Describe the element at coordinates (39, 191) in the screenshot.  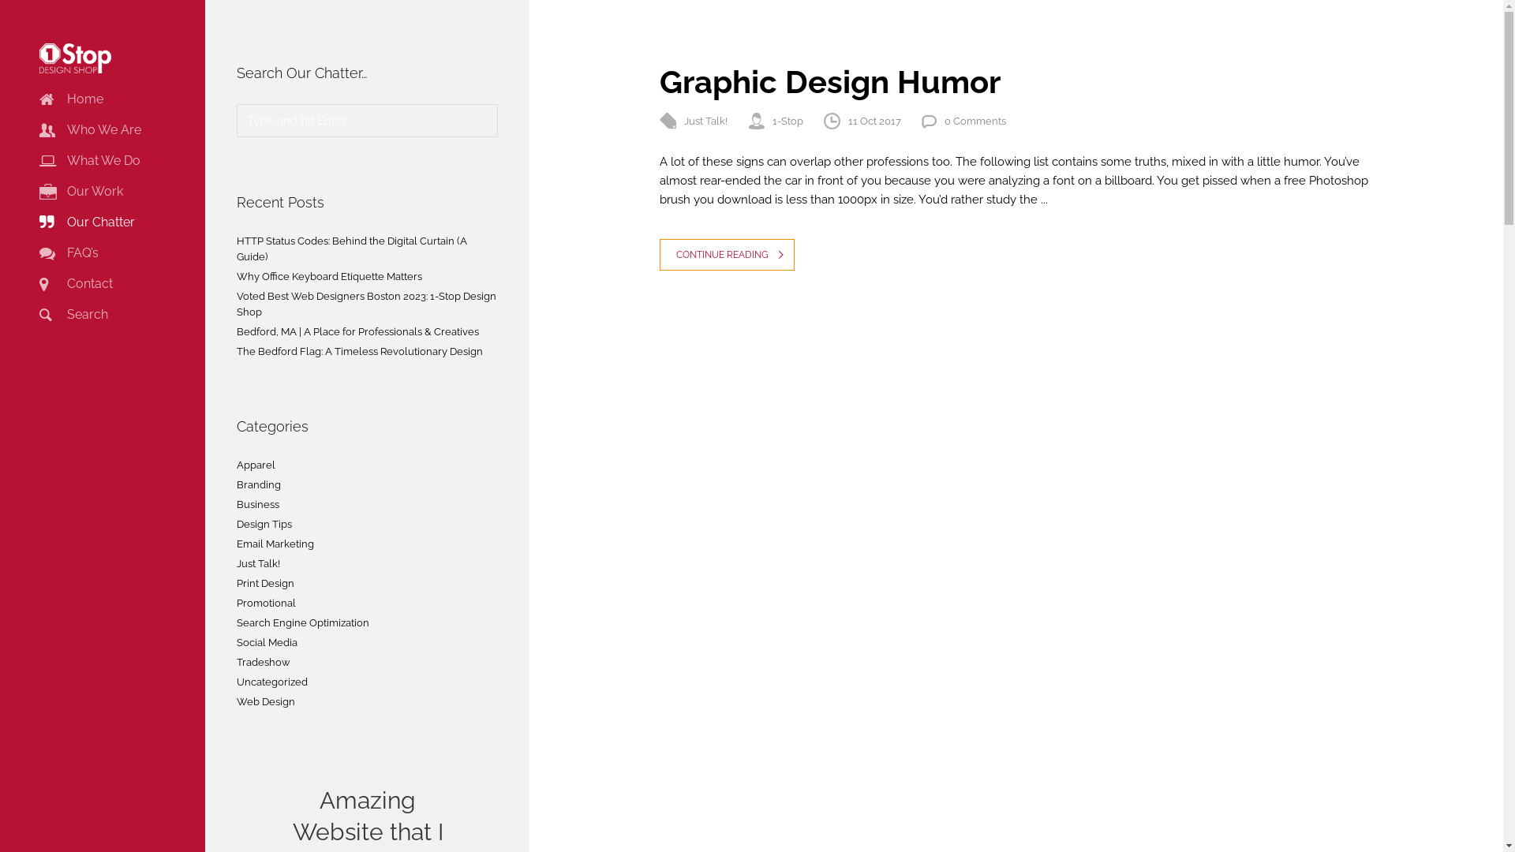
I see `'Our Work'` at that location.